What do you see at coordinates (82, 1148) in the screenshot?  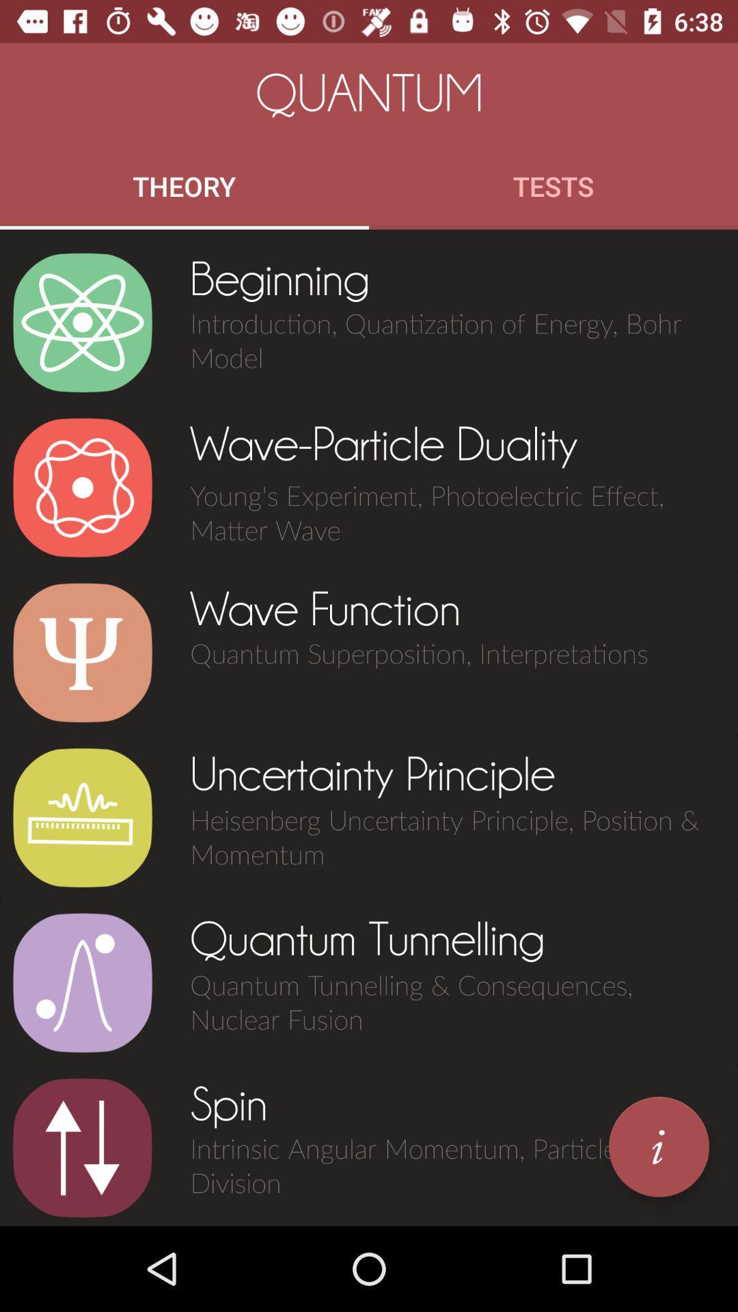 I see `item to the left of spin item` at bounding box center [82, 1148].